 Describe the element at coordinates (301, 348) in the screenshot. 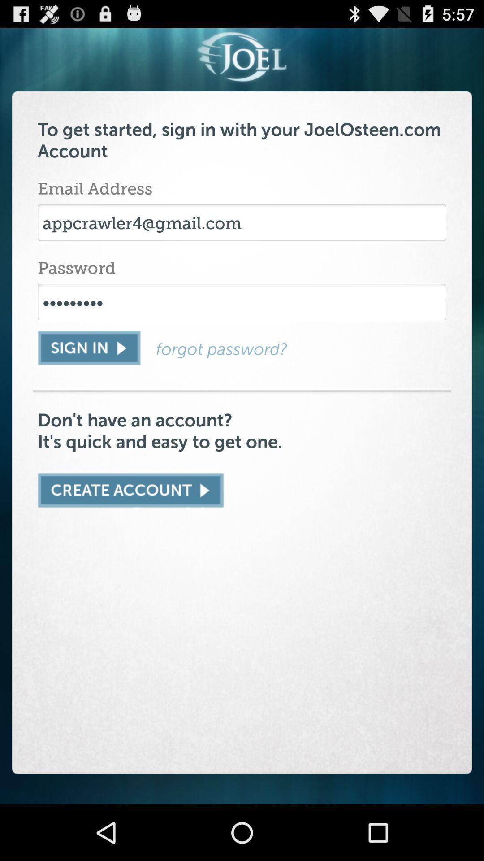

I see `forgot password?` at that location.